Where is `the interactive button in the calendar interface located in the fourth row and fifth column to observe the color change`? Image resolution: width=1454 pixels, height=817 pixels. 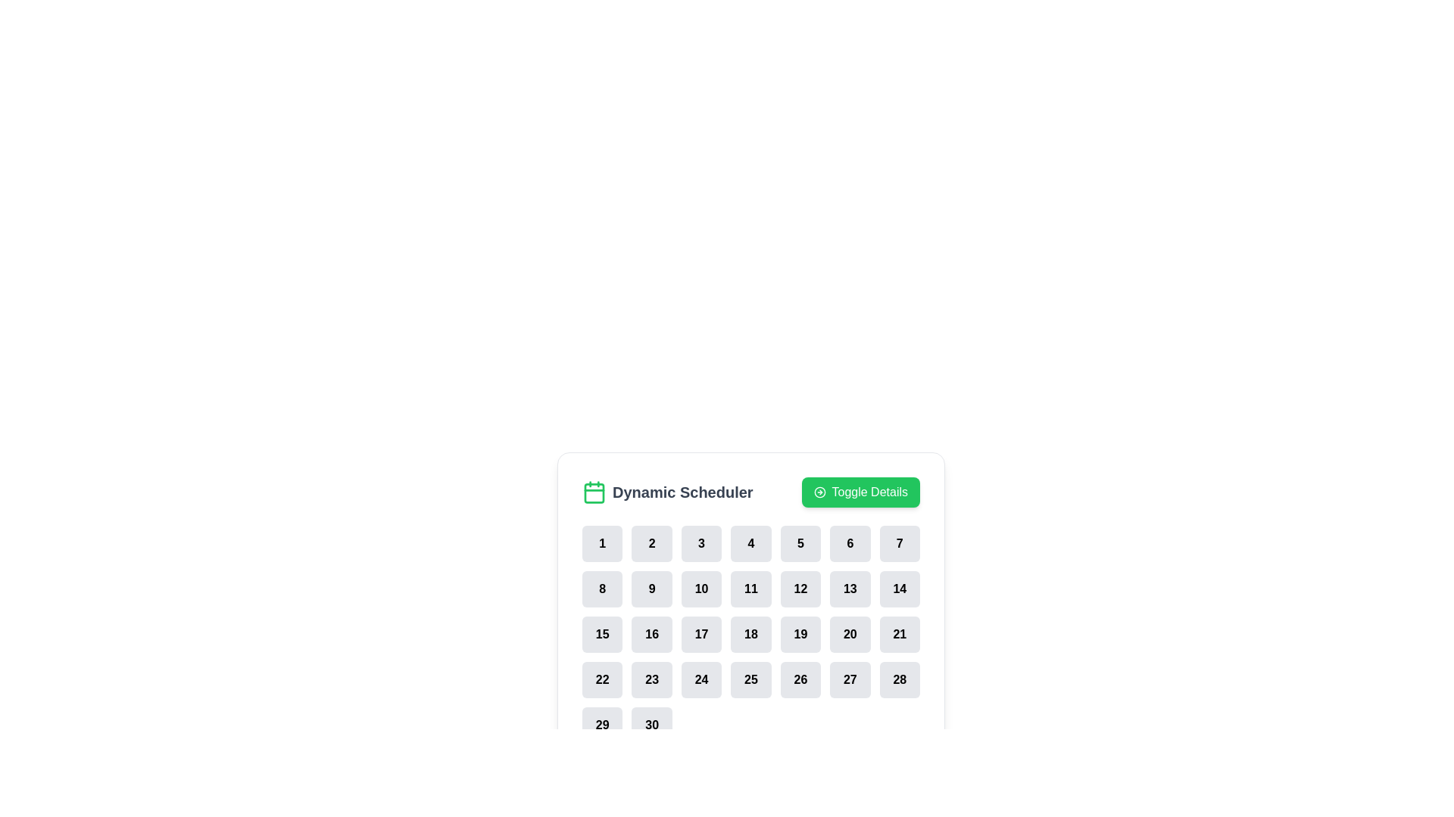
the interactive button in the calendar interface located in the fourth row and fifth column to observe the color change is located at coordinates (800, 679).